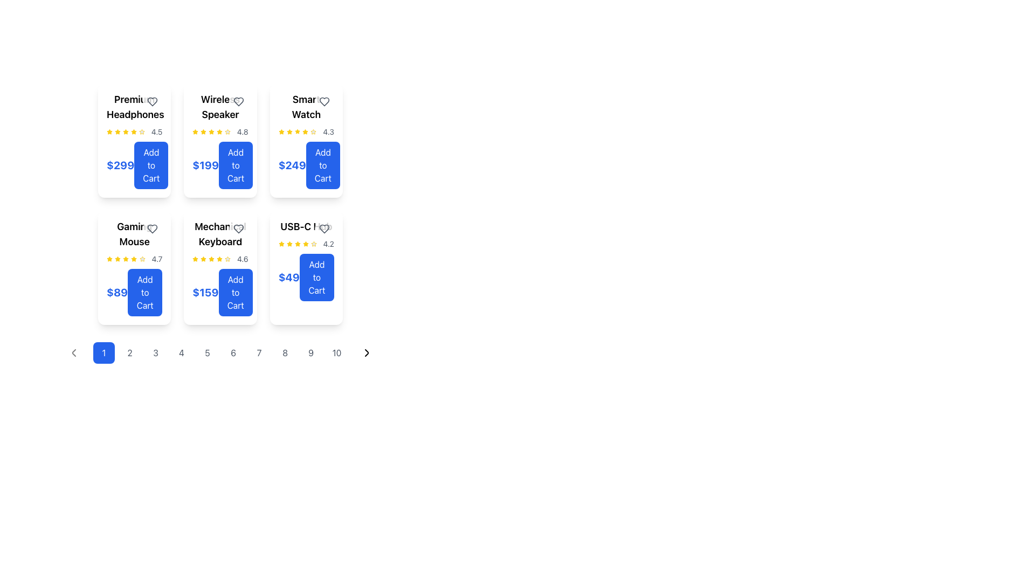 This screenshot has width=1035, height=582. Describe the element at coordinates (298, 131) in the screenshot. I see `the fourth filled yellow star icon in the rating section for the 'Smart Watch' card located in the third column of the first row` at that location.